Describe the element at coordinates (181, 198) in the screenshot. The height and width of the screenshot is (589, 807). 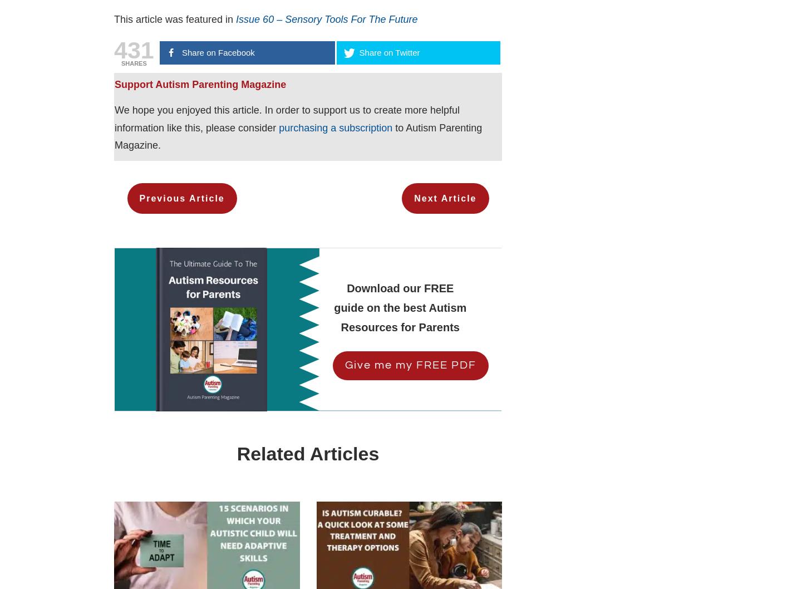
I see `'Previous Article'` at that location.